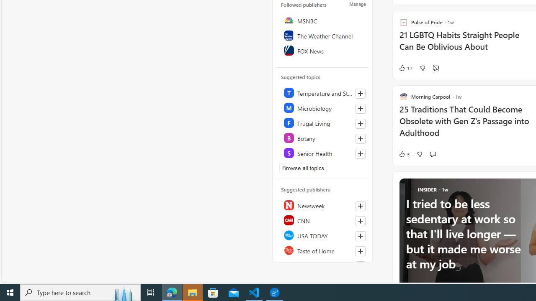  I want to click on 'Follow this topic', so click(360, 153).